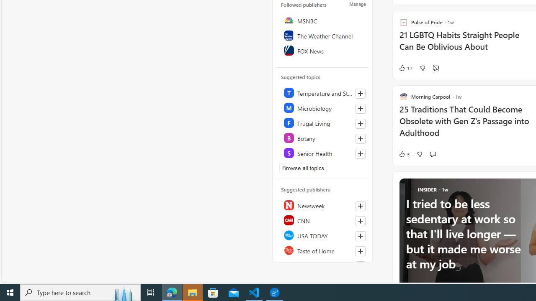  I want to click on 'Follow this topic', so click(360, 153).